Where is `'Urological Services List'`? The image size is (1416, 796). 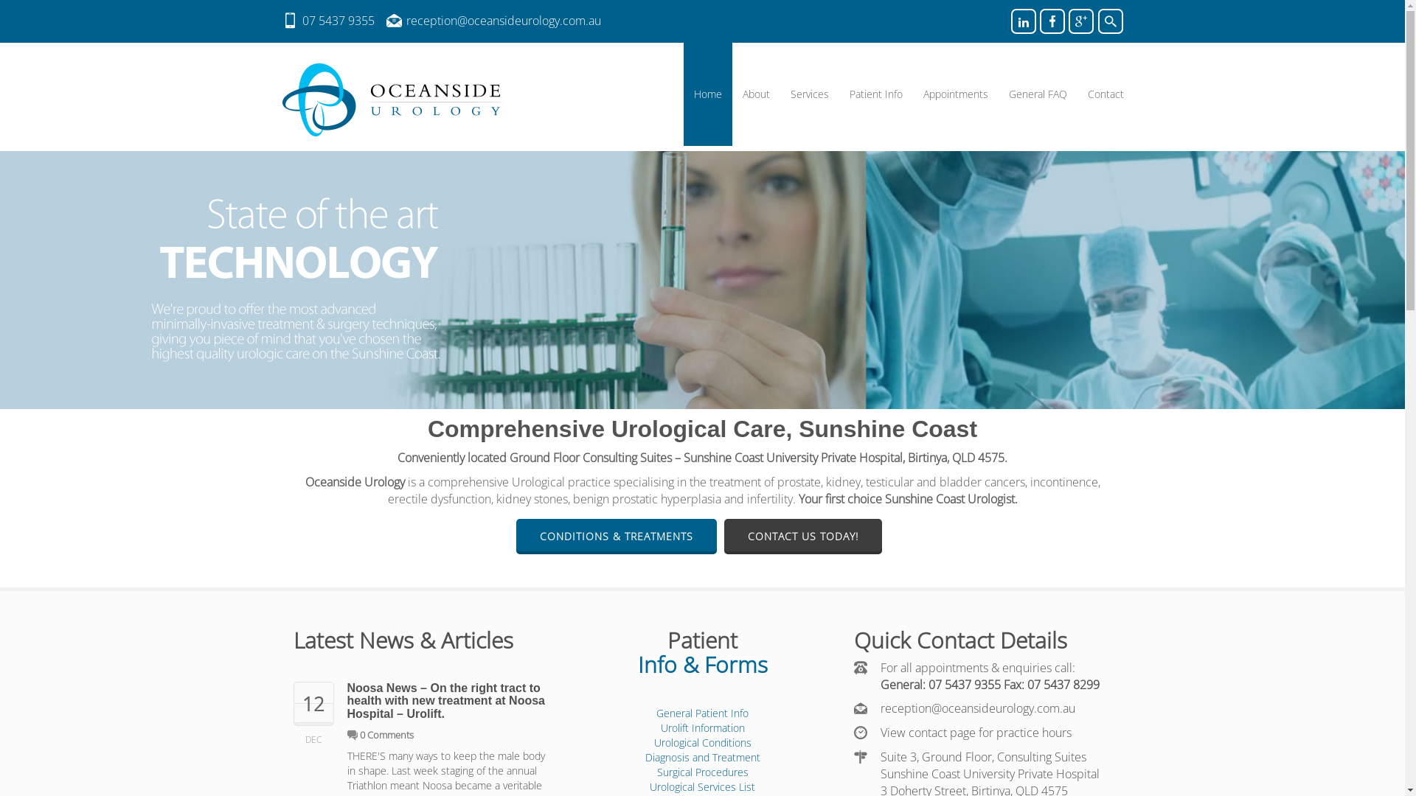 'Urological Services List' is located at coordinates (649, 786).